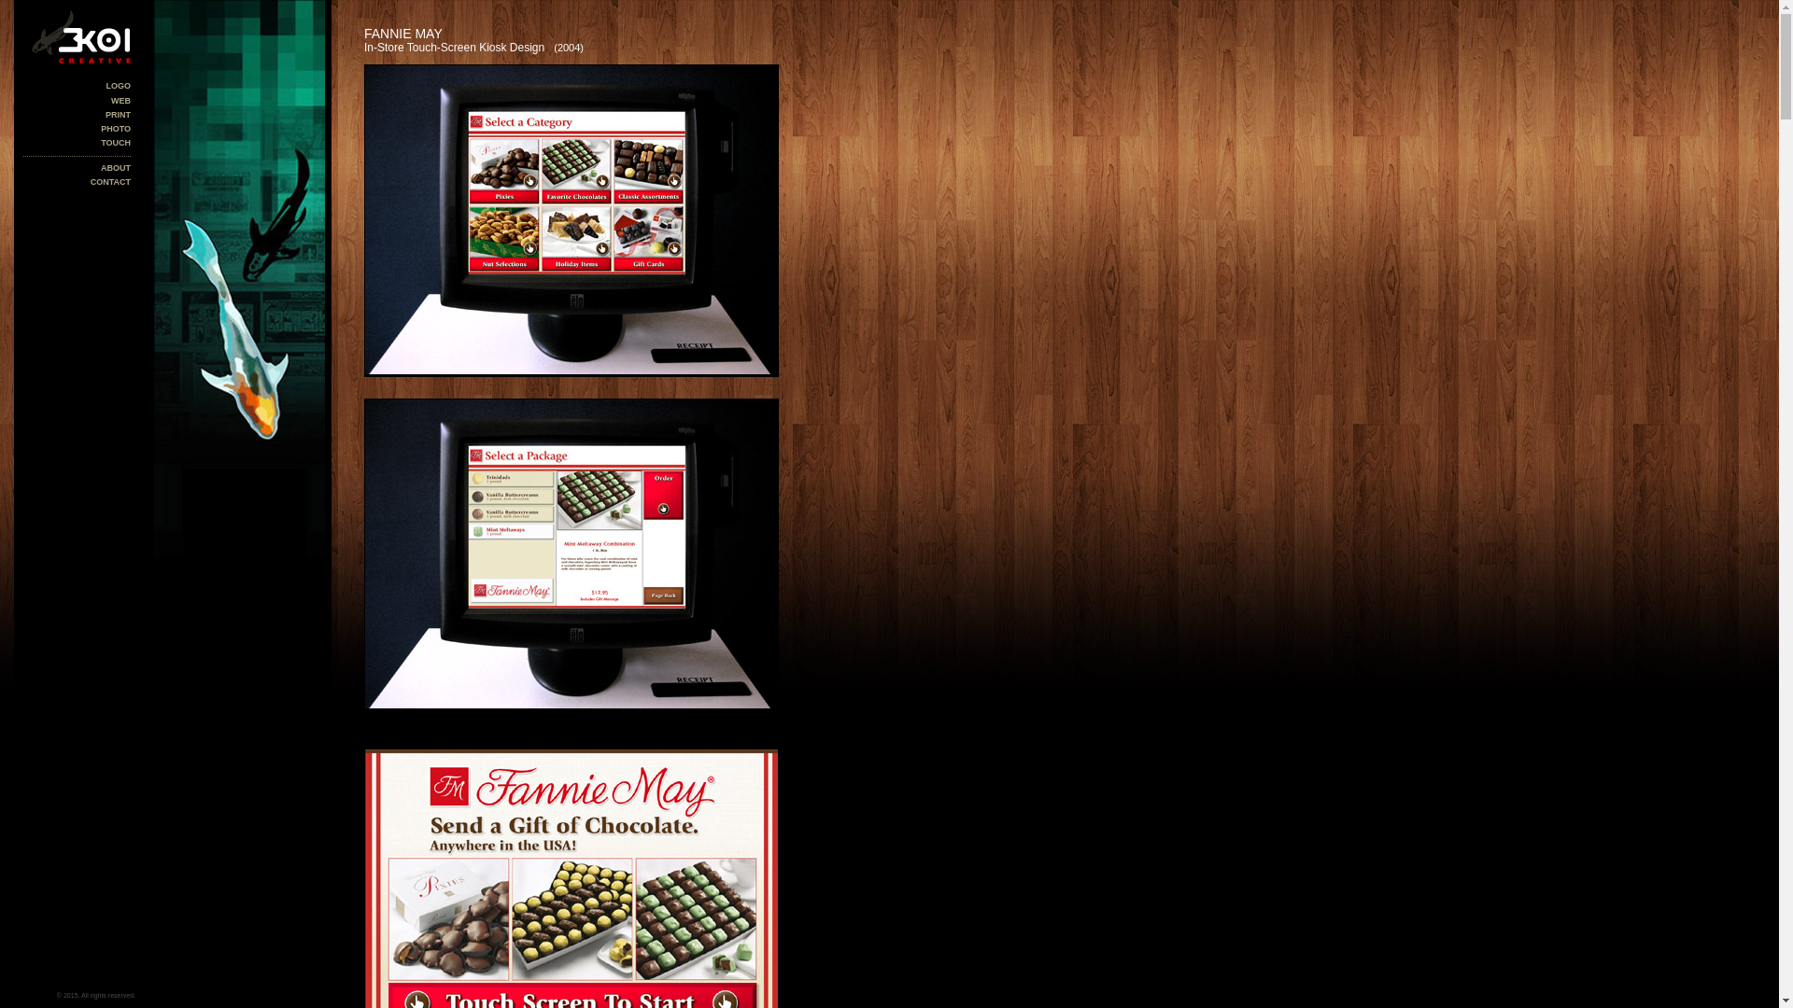 The image size is (1793, 1008). What do you see at coordinates (109, 182) in the screenshot?
I see `'CONTACT'` at bounding box center [109, 182].